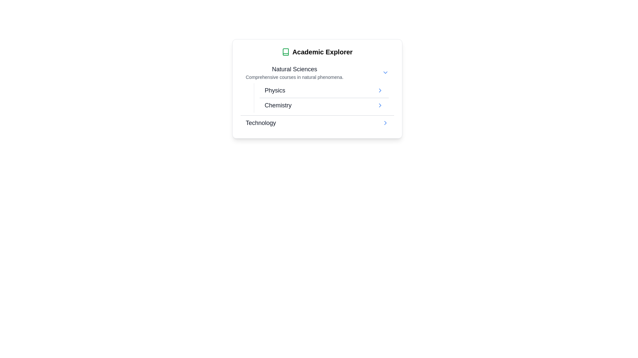 The height and width of the screenshot is (358, 638). I want to click on the right-pointing blue arrow icon located next to the 'Technology' text, so click(385, 123).